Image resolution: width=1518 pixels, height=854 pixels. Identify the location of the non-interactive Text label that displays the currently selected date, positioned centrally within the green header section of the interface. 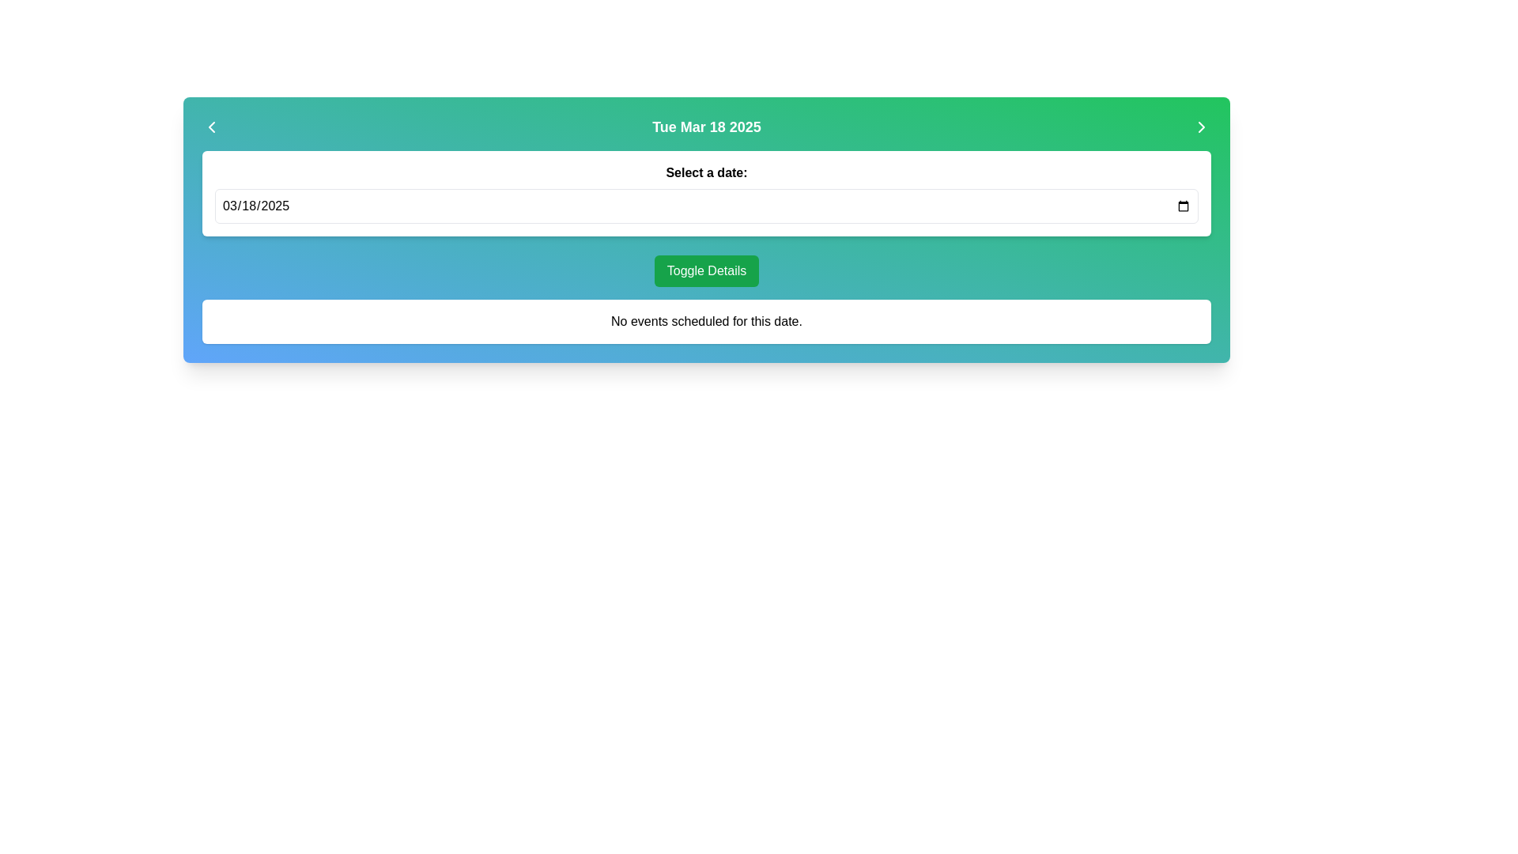
(705, 127).